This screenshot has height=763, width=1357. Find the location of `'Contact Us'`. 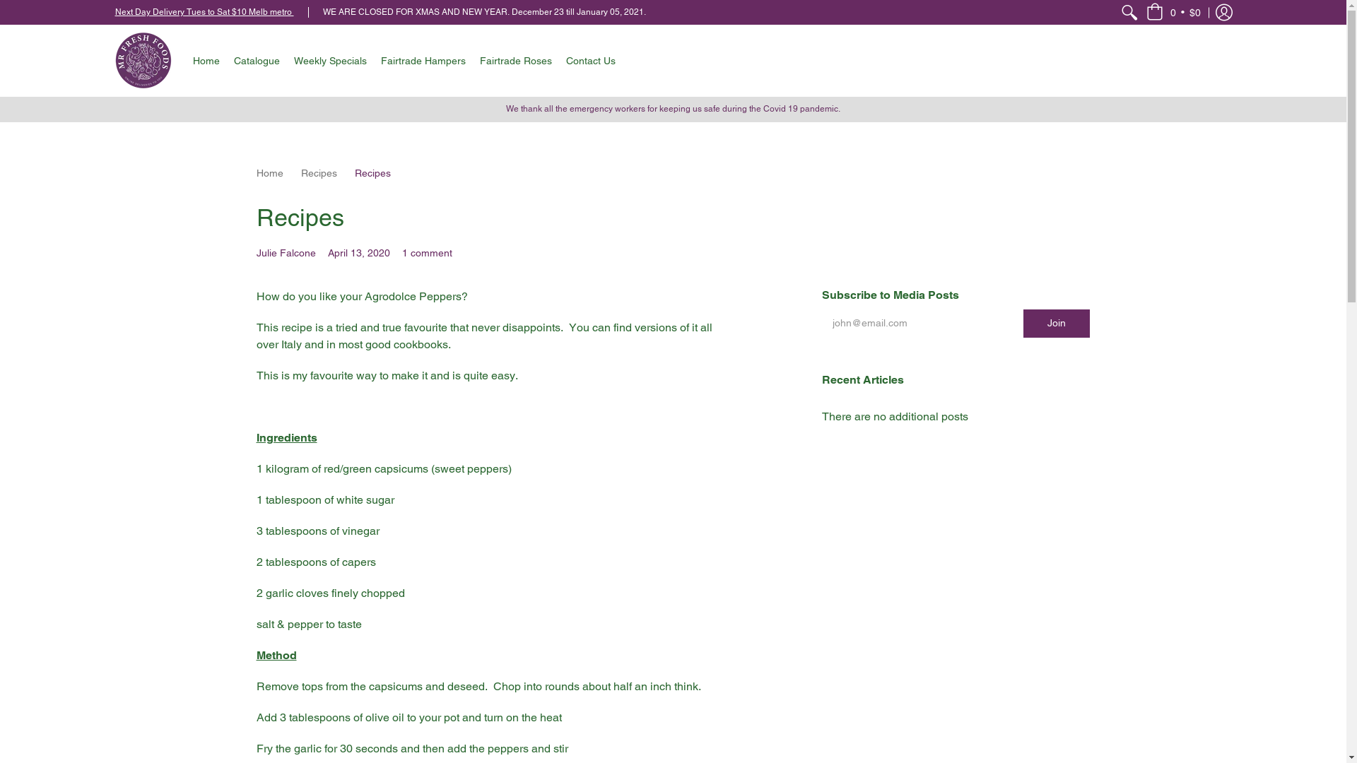

'Contact Us' is located at coordinates (590, 59).